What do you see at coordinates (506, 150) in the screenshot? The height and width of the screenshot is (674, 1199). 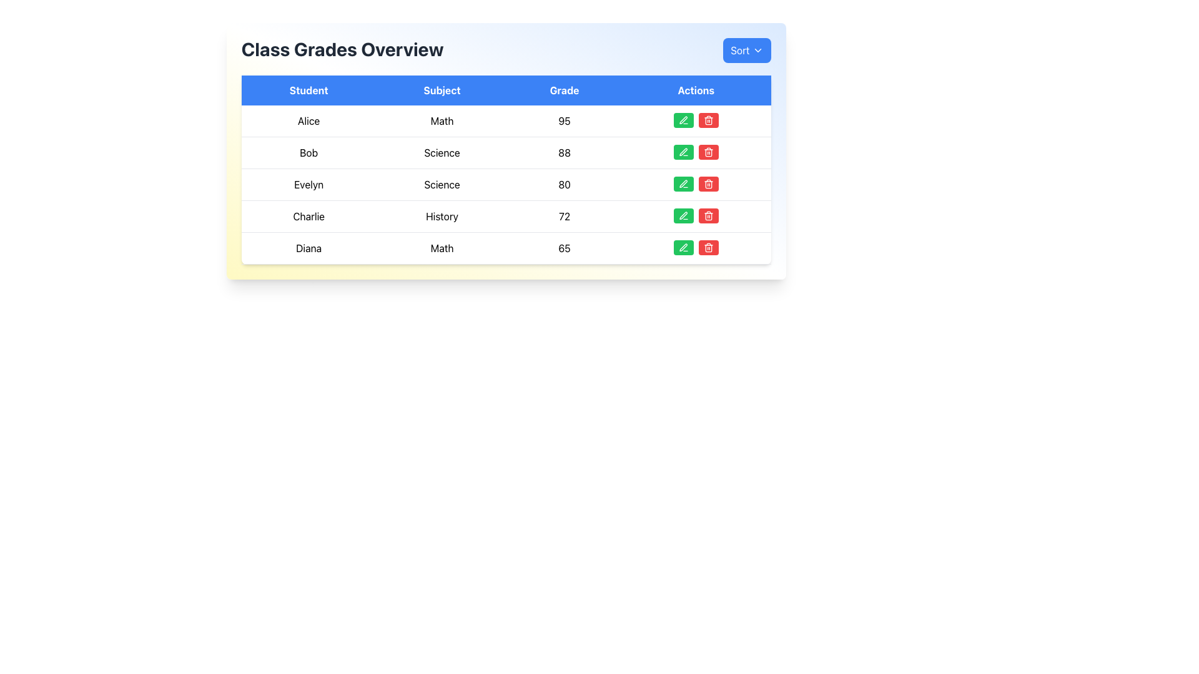 I see `text from the table displaying class grades, which is the only element resembling a table with specific headers in the central panel` at bounding box center [506, 150].